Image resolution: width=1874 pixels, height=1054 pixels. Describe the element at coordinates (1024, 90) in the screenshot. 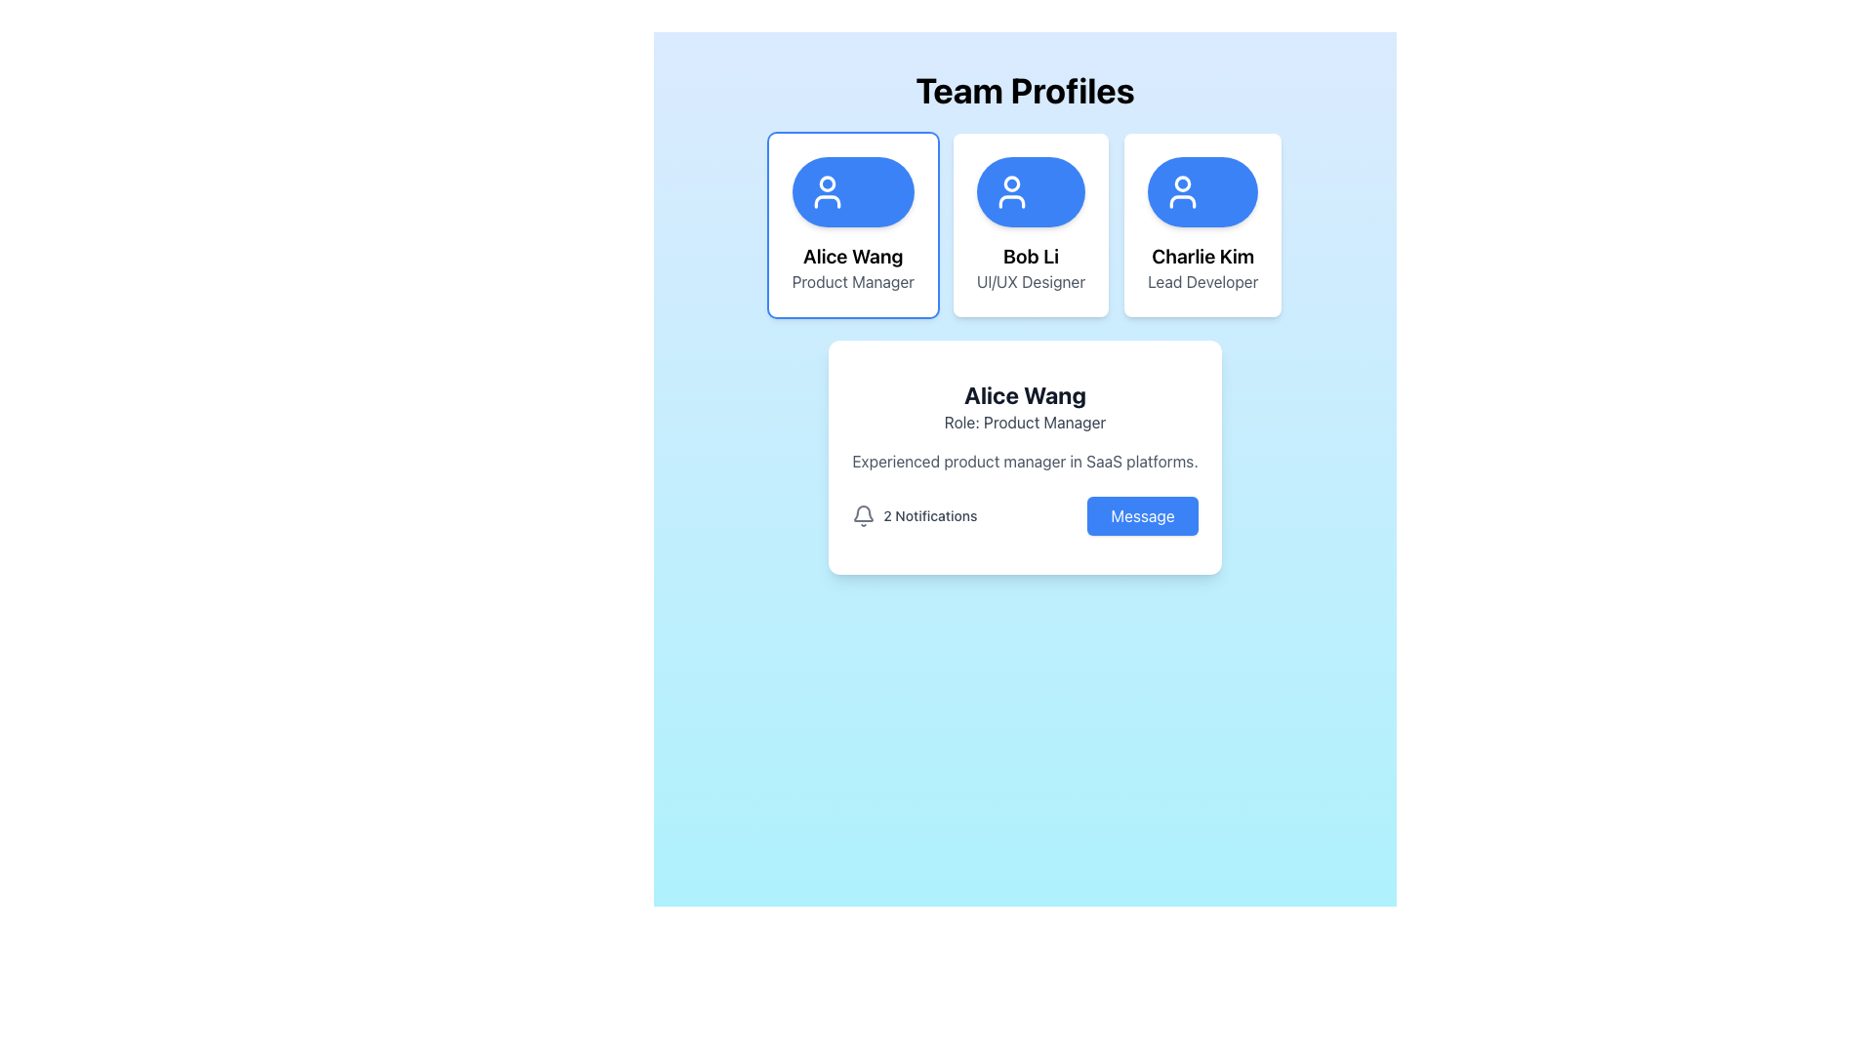

I see `bold, large header text 'Team Profiles' located at the top of the interface with a blue to cyan gradient background` at that location.